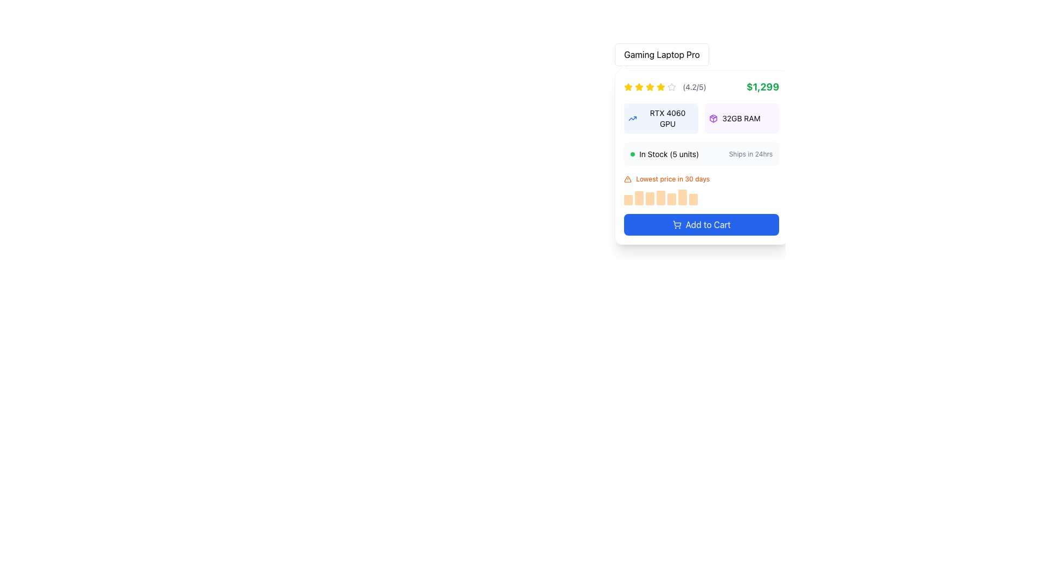 The image size is (1041, 585). What do you see at coordinates (639, 87) in the screenshot?
I see `the star-shaped icon with a yellow fill and border, which is the third star from the left in a series of five stars, located above the text '(4.2/5)' in the product details section` at bounding box center [639, 87].